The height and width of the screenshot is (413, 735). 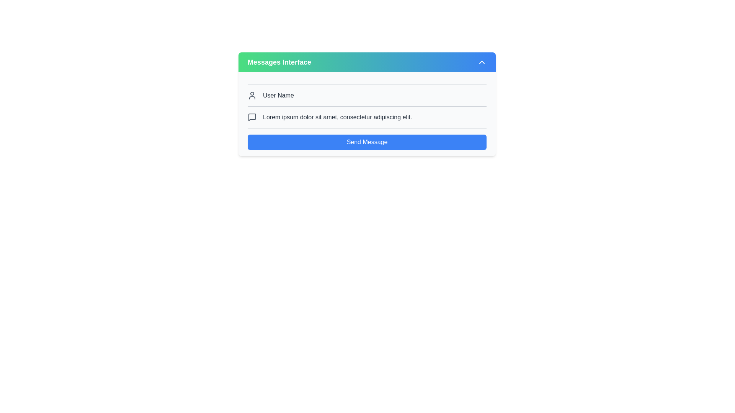 What do you see at coordinates (279, 62) in the screenshot?
I see `the text label displaying the title for the messaging functionalities to potentially see any tooltips` at bounding box center [279, 62].